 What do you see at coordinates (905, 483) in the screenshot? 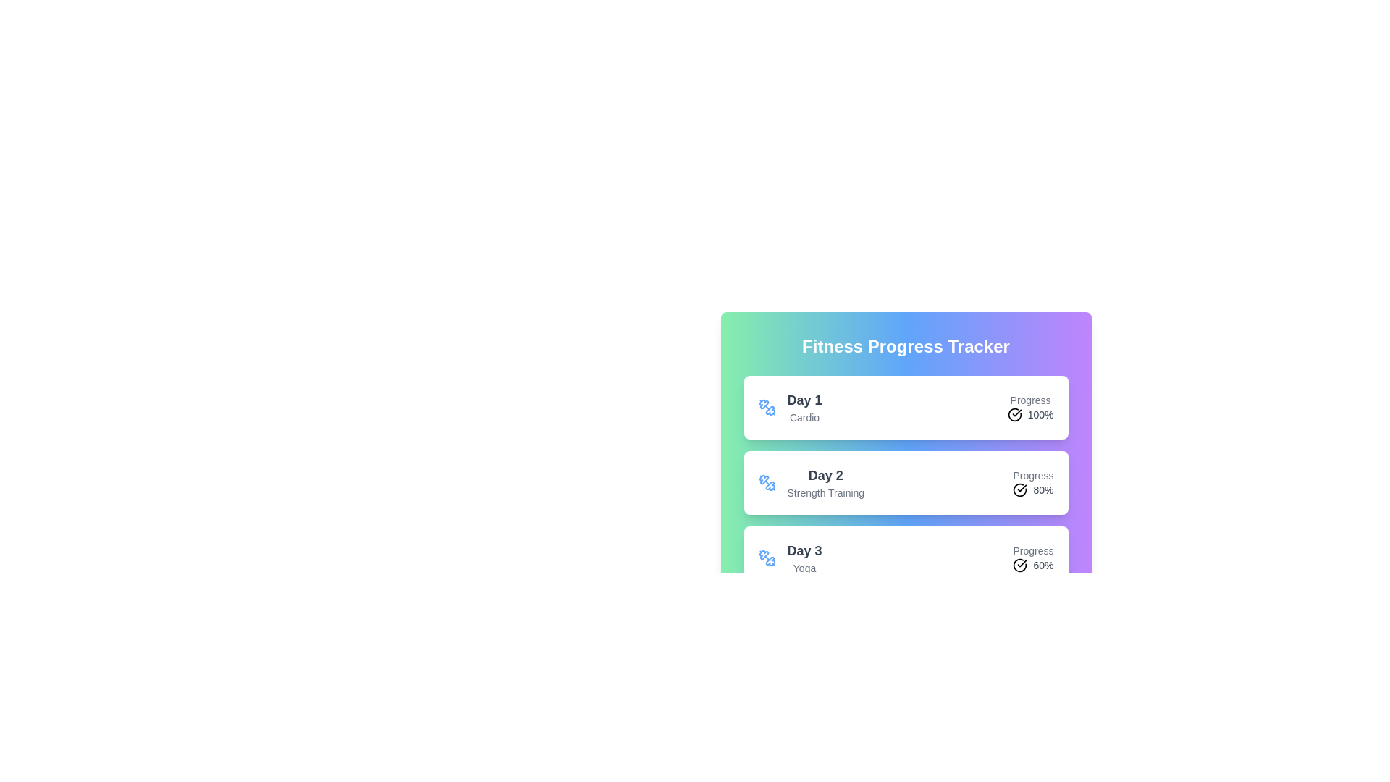
I see `the workout item for Day 2` at bounding box center [905, 483].